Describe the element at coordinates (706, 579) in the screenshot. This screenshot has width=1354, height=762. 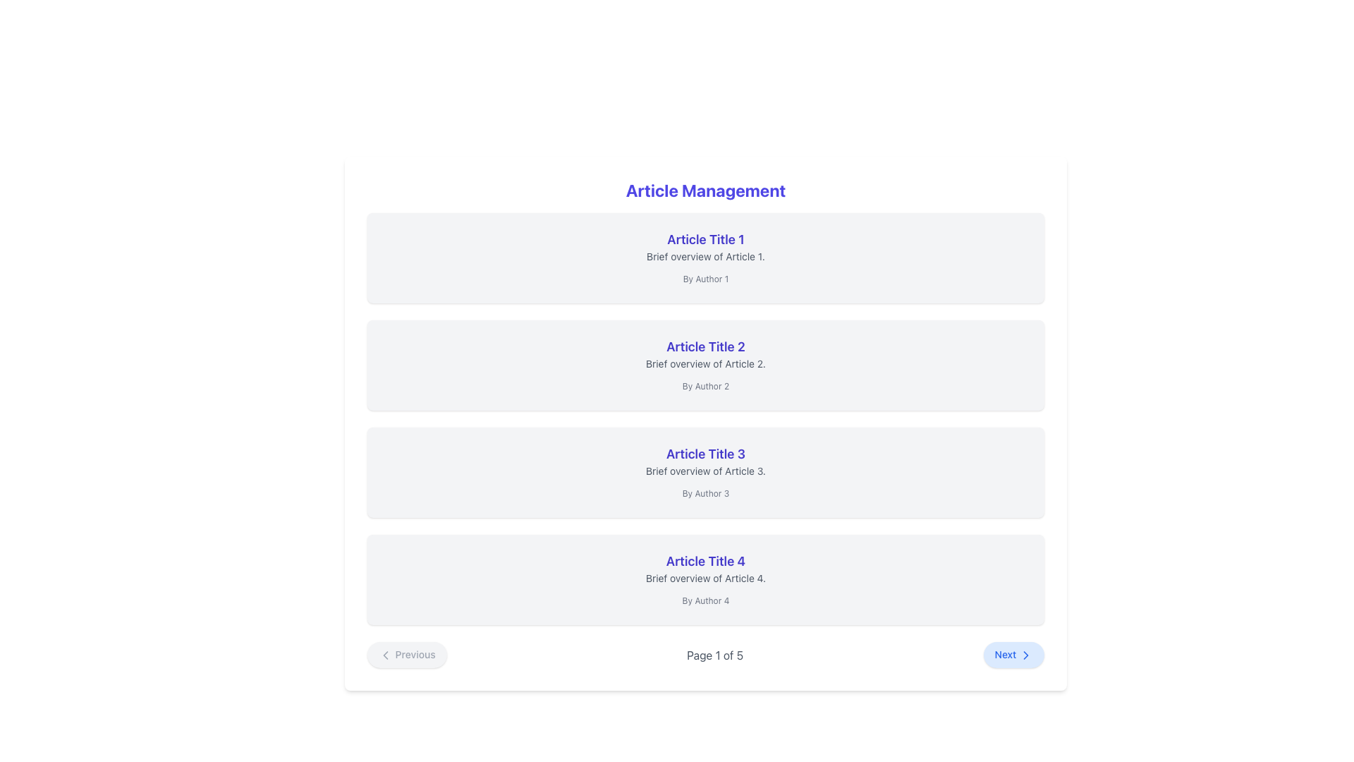
I see `the static text label that reads 'Brief overview of Article 4.' located within the description section of the fourth article card` at that location.